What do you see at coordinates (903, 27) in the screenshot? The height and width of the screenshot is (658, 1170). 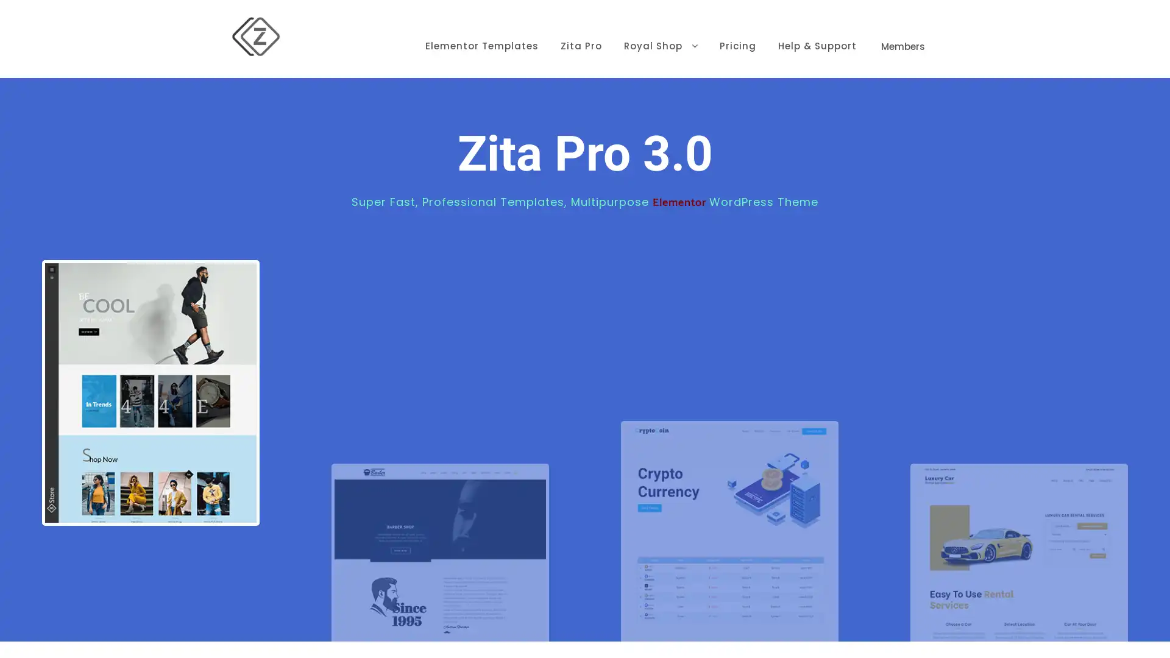 I see `Members` at bounding box center [903, 27].